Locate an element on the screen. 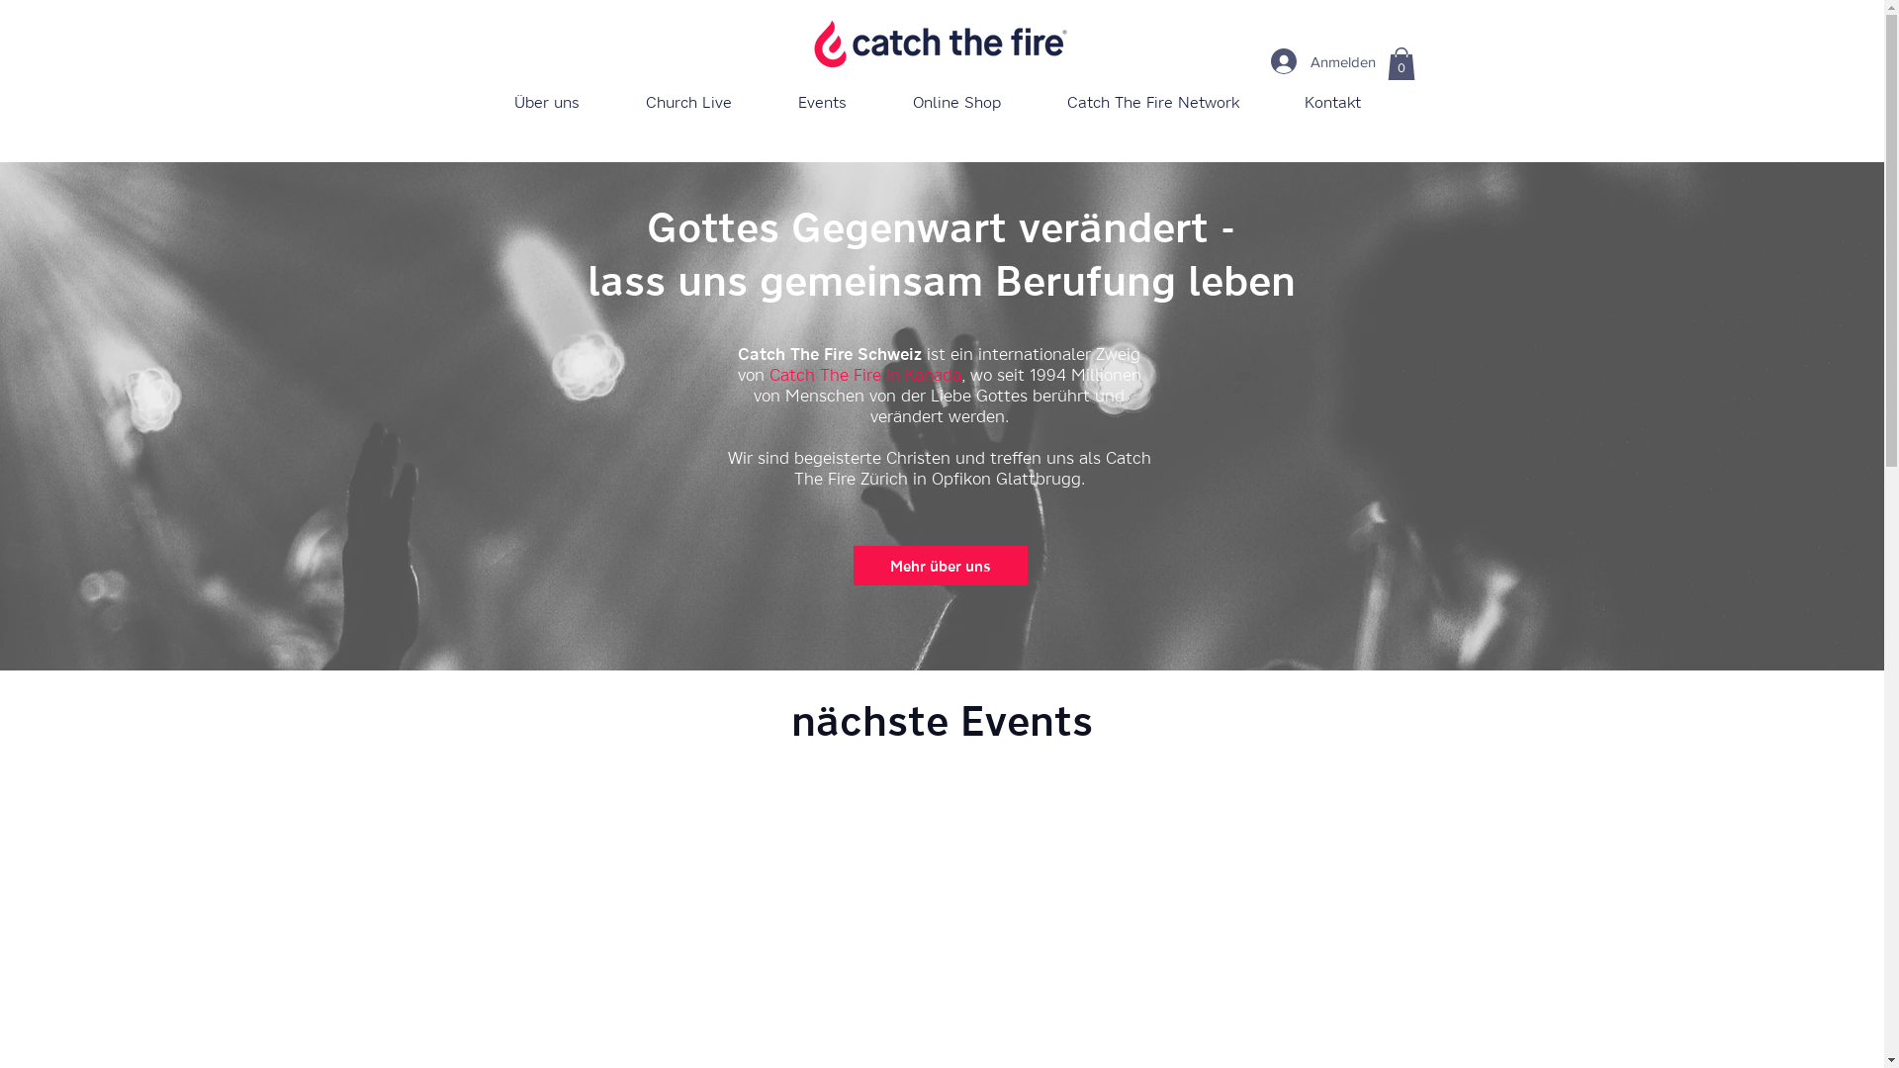  'Catch The Fire in Kanada' is located at coordinates (768, 374).